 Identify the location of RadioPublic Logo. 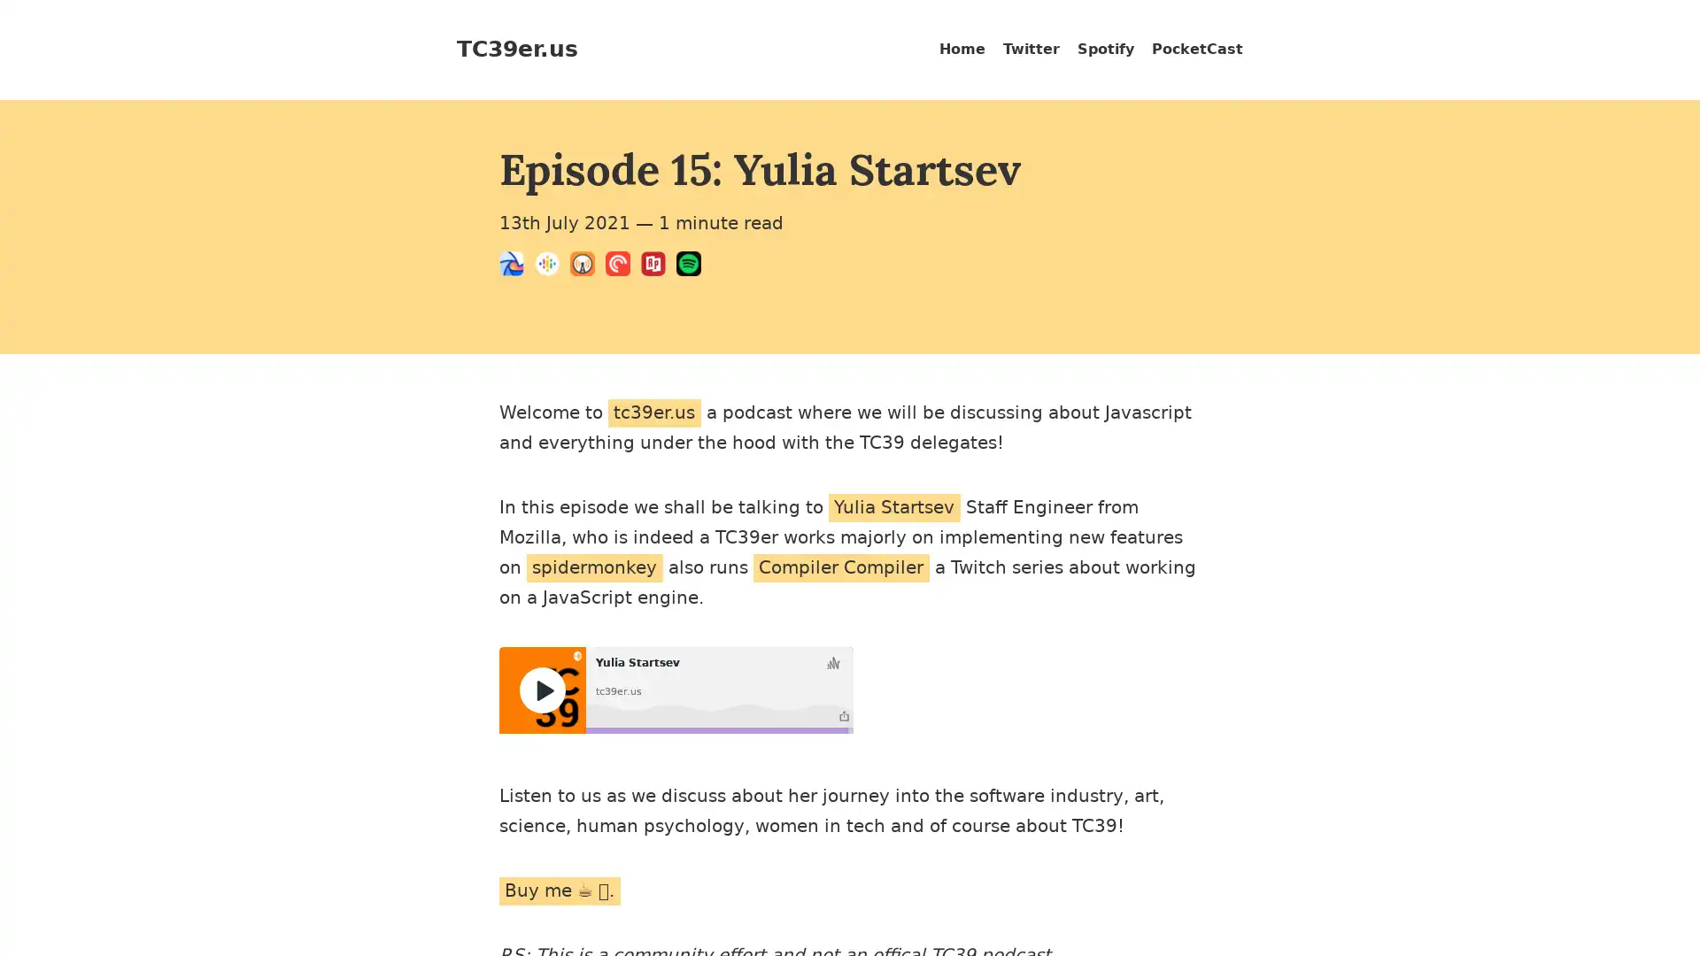
(658, 266).